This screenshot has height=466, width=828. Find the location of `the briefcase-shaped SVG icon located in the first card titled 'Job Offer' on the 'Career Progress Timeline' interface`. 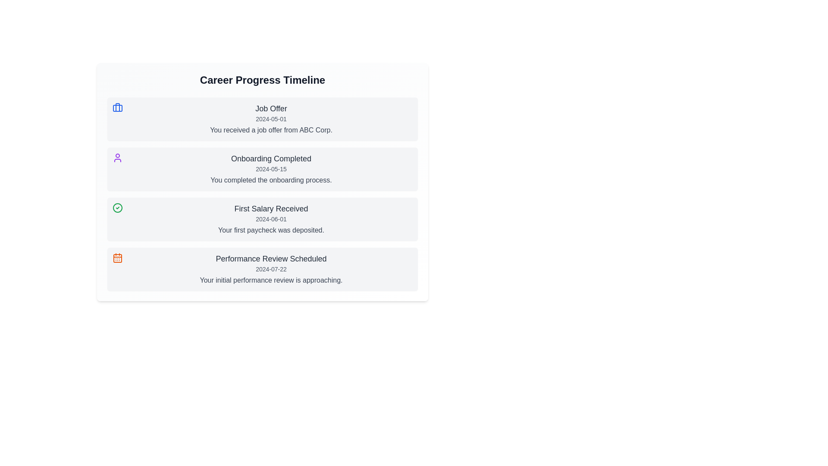

the briefcase-shaped SVG icon located in the first card titled 'Job Offer' on the 'Career Progress Timeline' interface is located at coordinates (117, 107).